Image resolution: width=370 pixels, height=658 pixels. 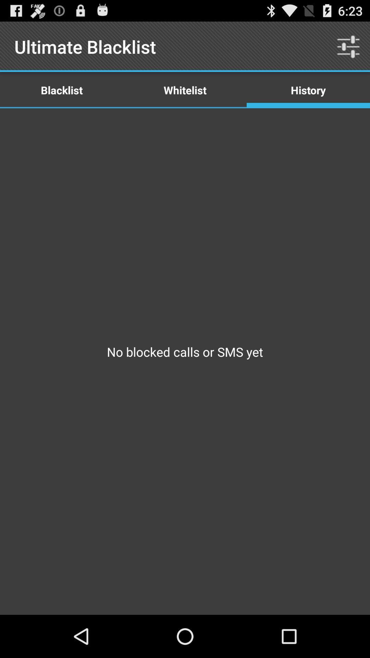 What do you see at coordinates (348, 46) in the screenshot?
I see `icon above the history` at bounding box center [348, 46].